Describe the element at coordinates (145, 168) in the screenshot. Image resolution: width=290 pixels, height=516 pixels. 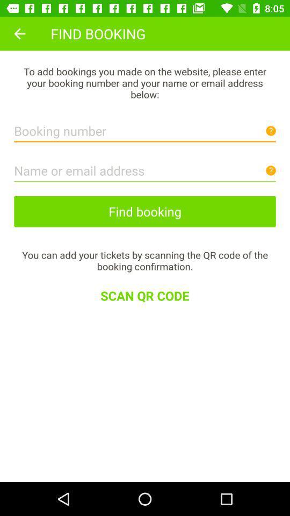
I see `name or email address` at that location.